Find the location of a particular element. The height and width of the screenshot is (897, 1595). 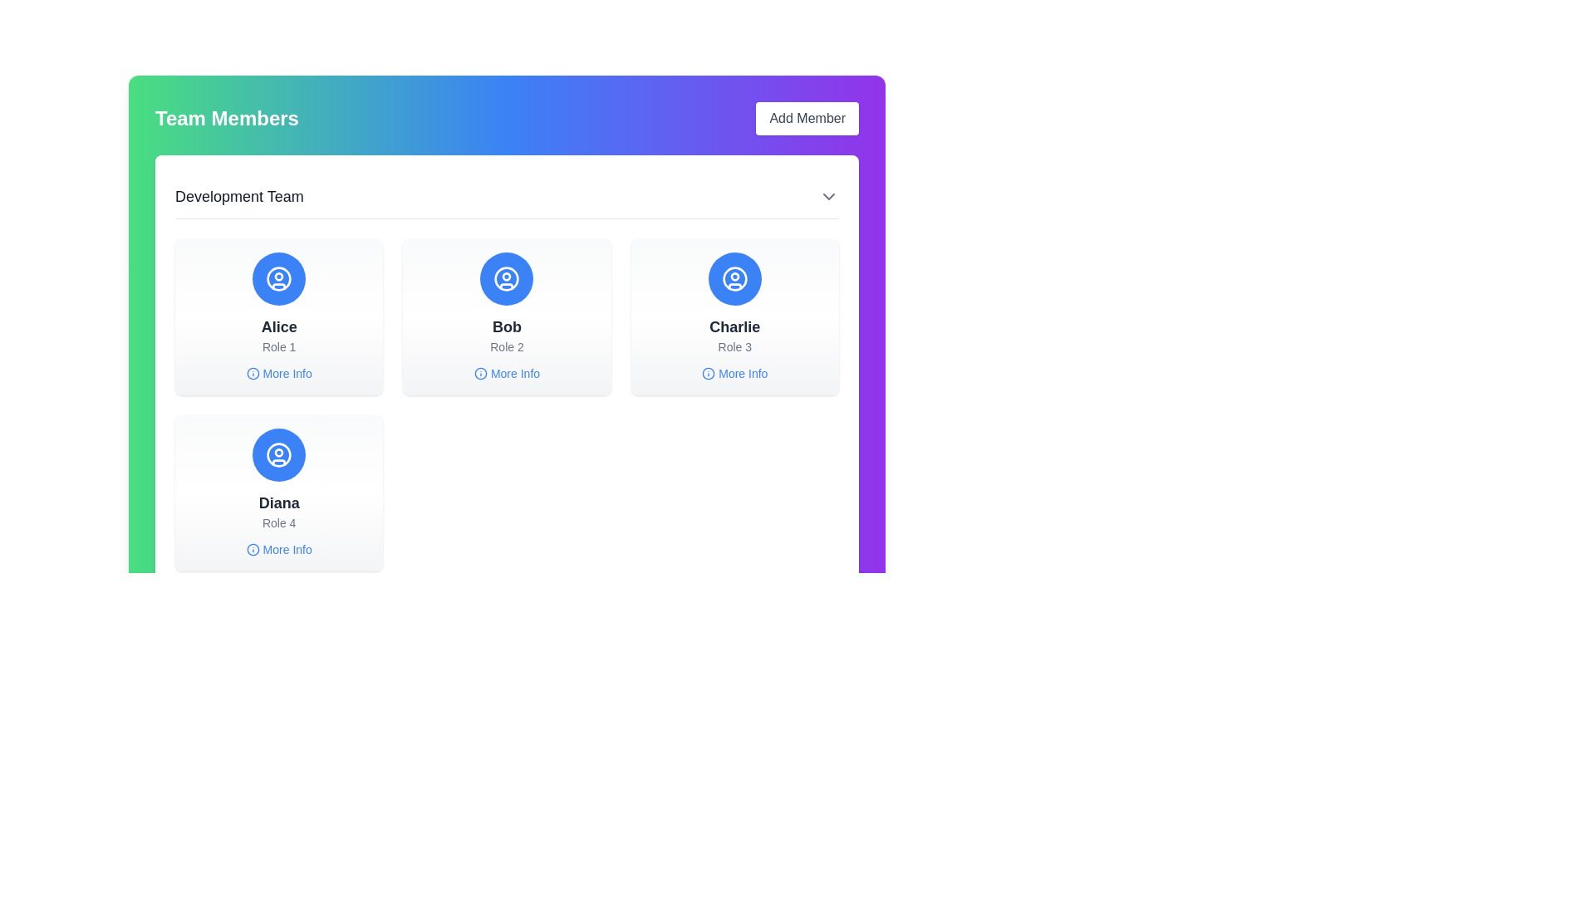

the button-like link at the bottom center of the card containing the title 'Alice' and subtitle 'Role 1' to receive a tooltip or visual feedback is located at coordinates (279, 374).